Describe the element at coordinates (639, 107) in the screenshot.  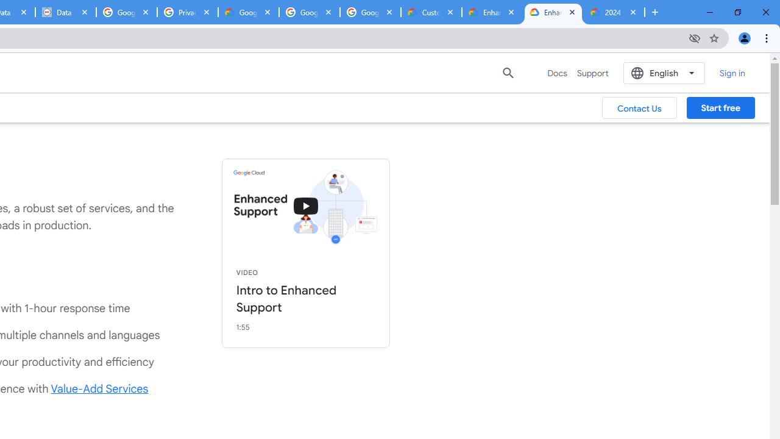
I see `'Contact Us'` at that location.